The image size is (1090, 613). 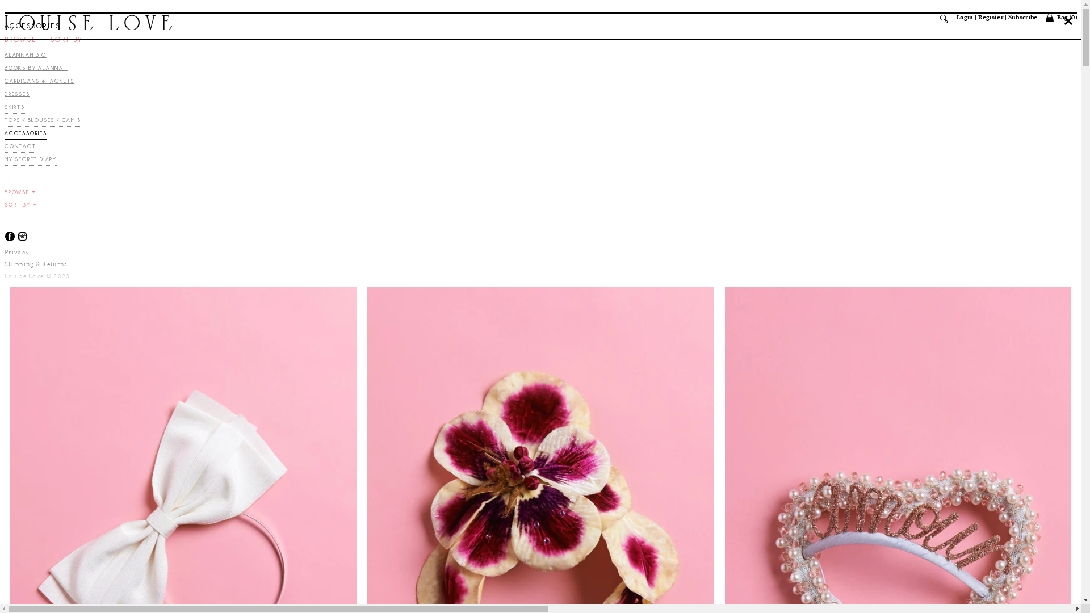 I want to click on 'ALANNAH BIO', so click(x=25, y=56).